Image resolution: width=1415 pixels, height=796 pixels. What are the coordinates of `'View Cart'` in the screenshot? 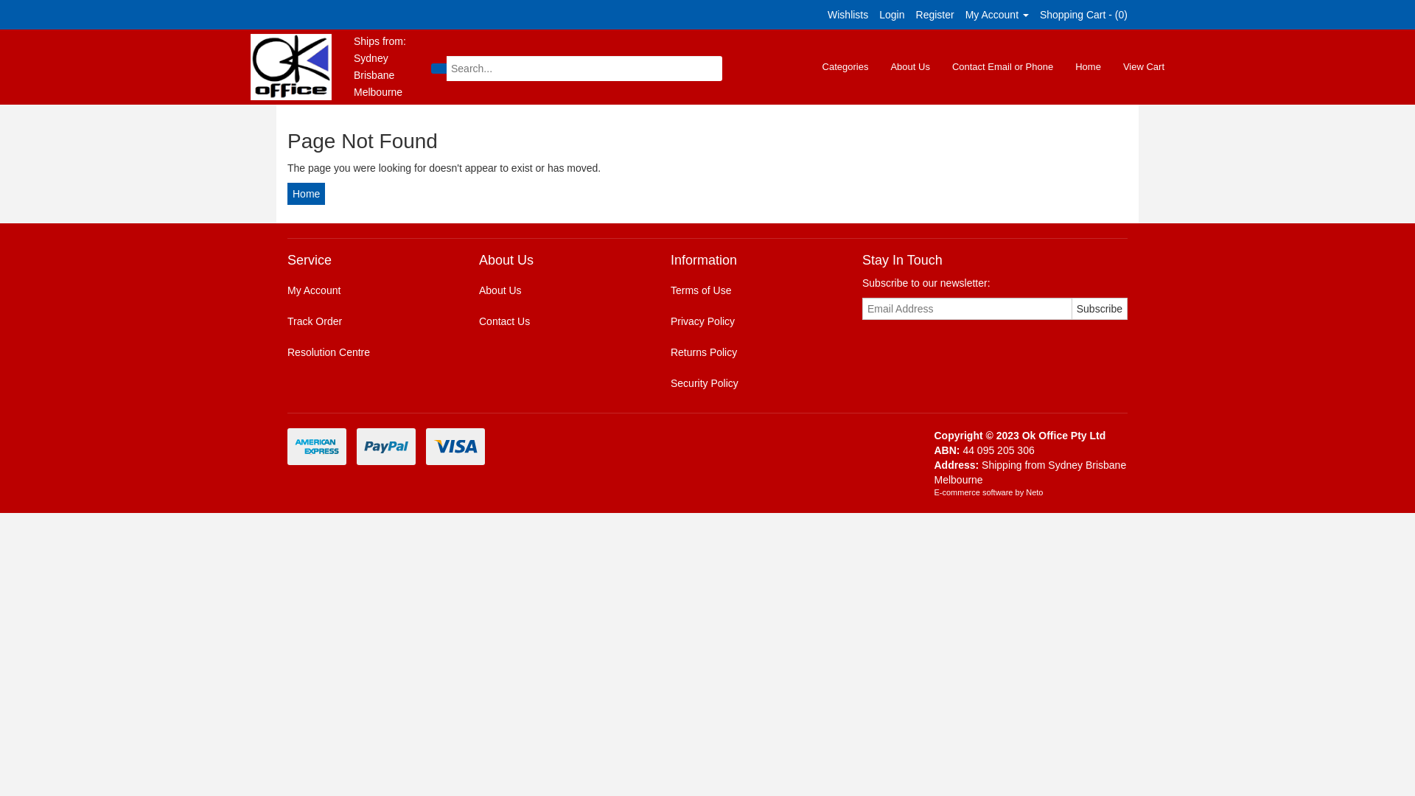 It's located at (1111, 67).